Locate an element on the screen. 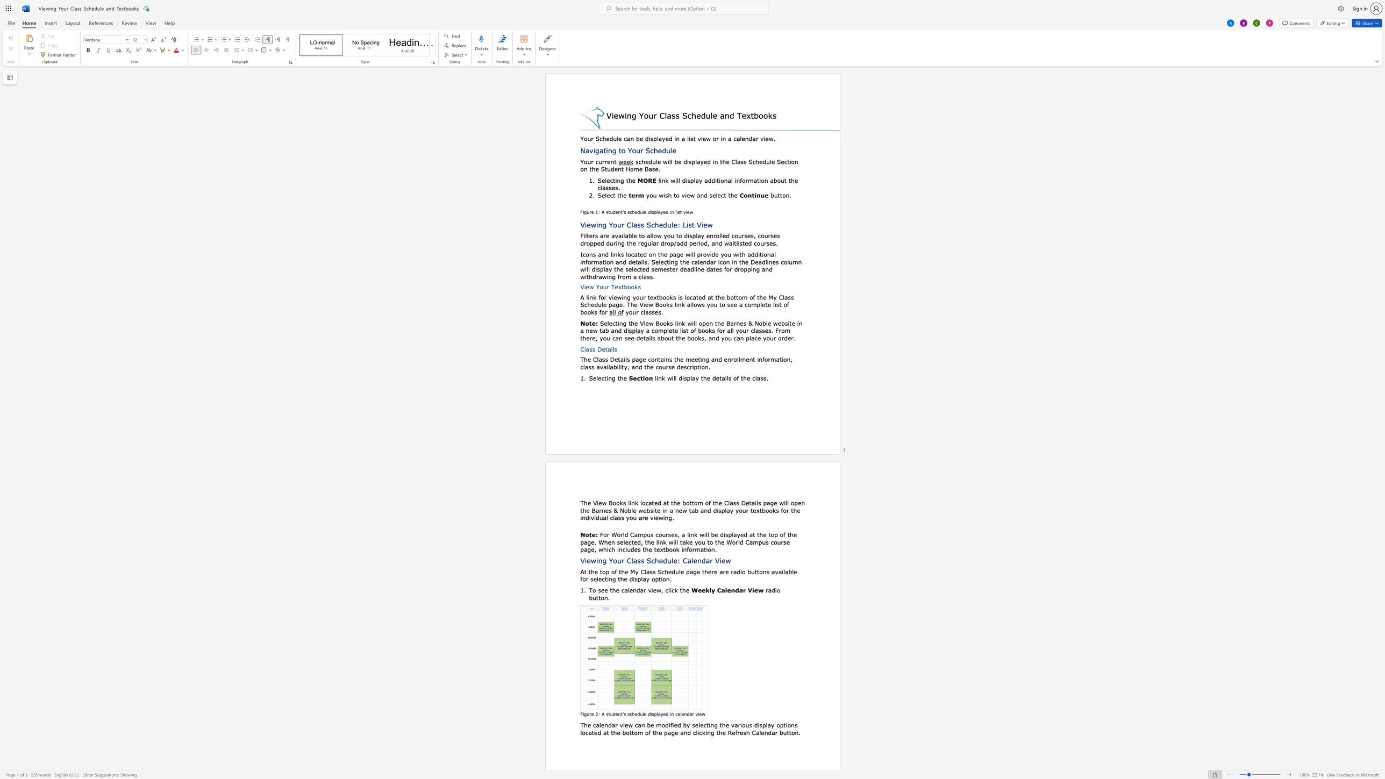 This screenshot has width=1385, height=779. the 3th character "s" in the text is located at coordinates (615, 348).